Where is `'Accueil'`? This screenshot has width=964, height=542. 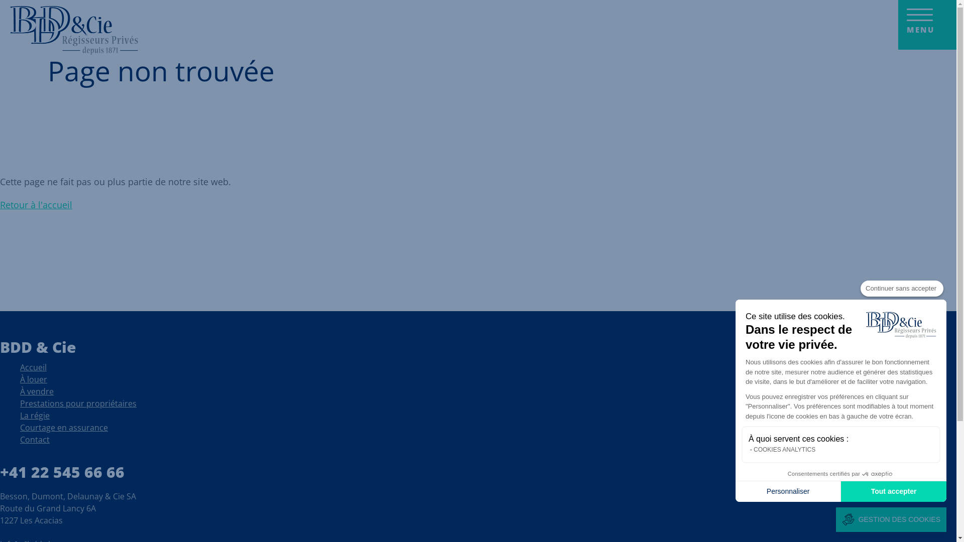 'Accueil' is located at coordinates (33, 369).